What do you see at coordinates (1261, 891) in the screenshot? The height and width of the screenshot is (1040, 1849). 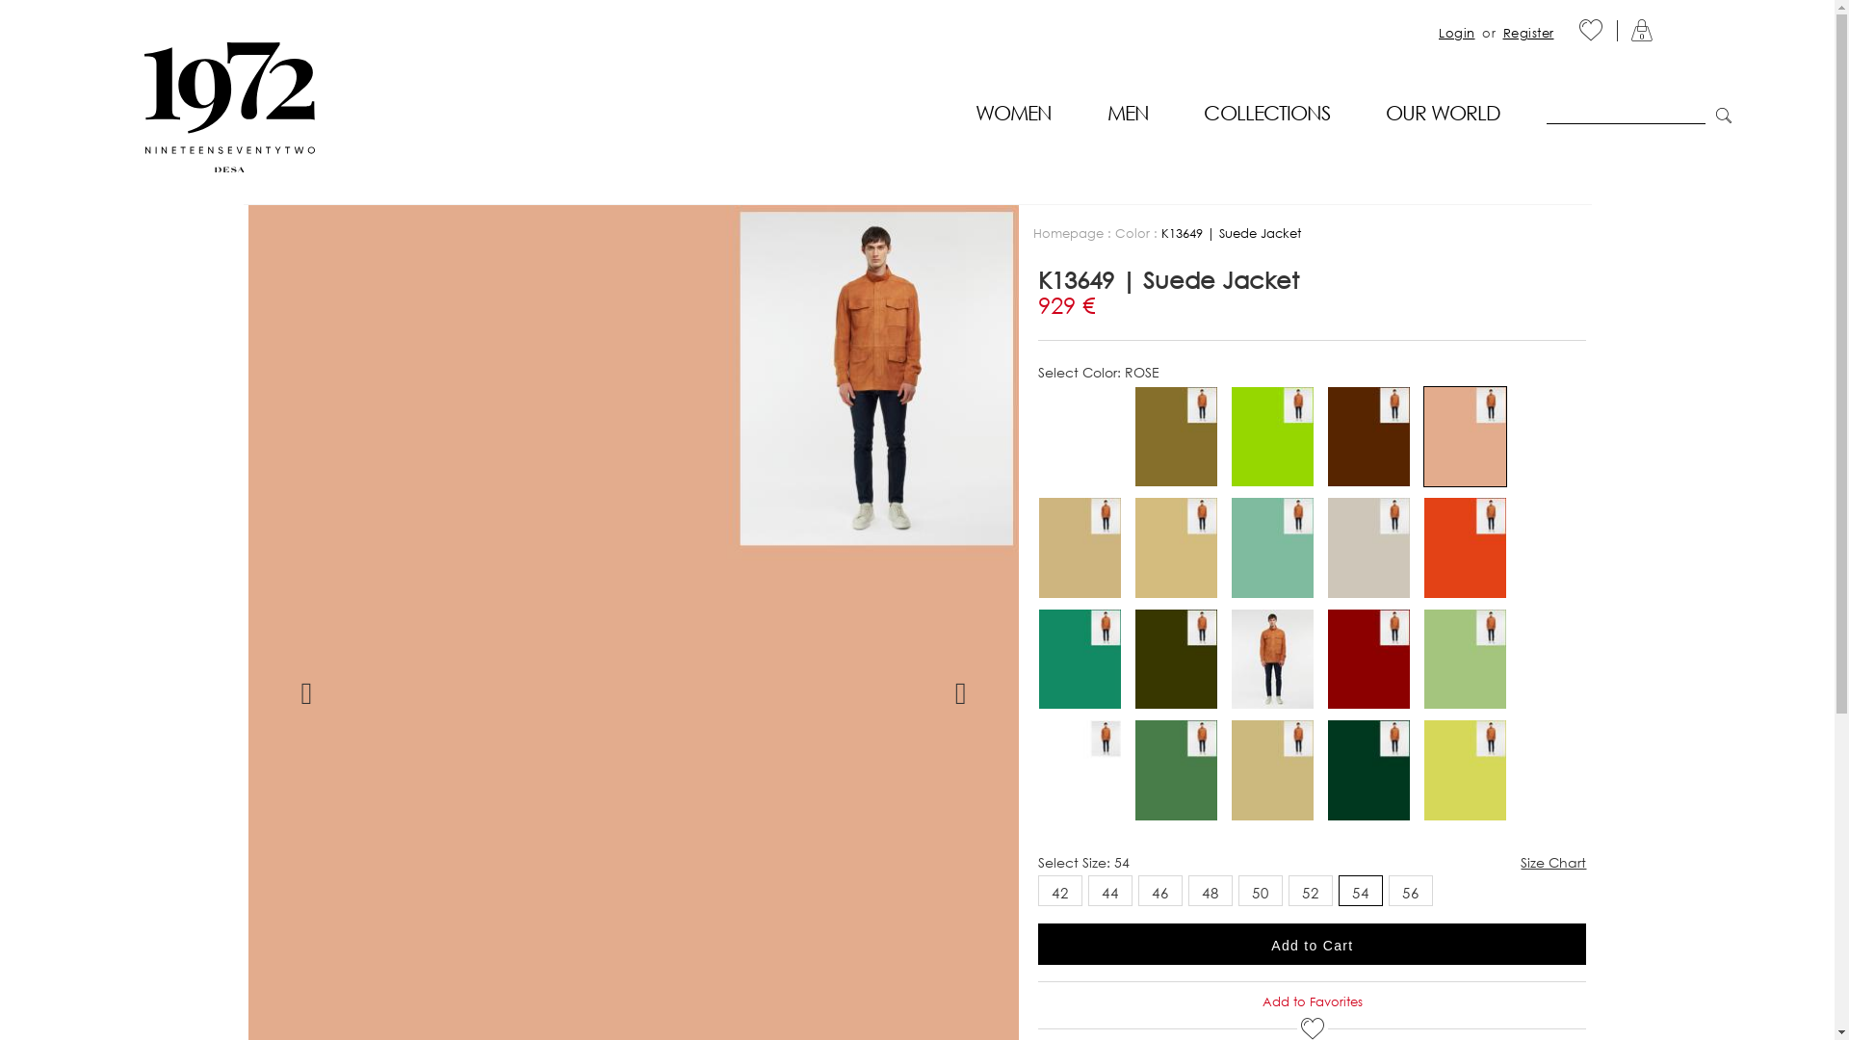 I see `'50'` at bounding box center [1261, 891].